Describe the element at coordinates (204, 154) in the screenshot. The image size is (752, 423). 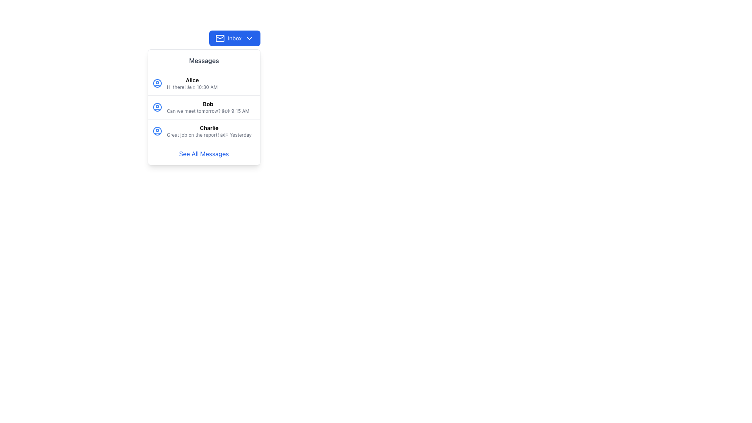
I see `the text link at the bottom of the pop-up` at that location.